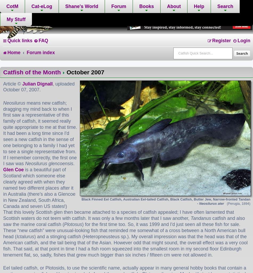 This screenshot has height=273, width=253. Describe the element at coordinates (16, 19) in the screenshot. I see `'My Stuff'` at that location.